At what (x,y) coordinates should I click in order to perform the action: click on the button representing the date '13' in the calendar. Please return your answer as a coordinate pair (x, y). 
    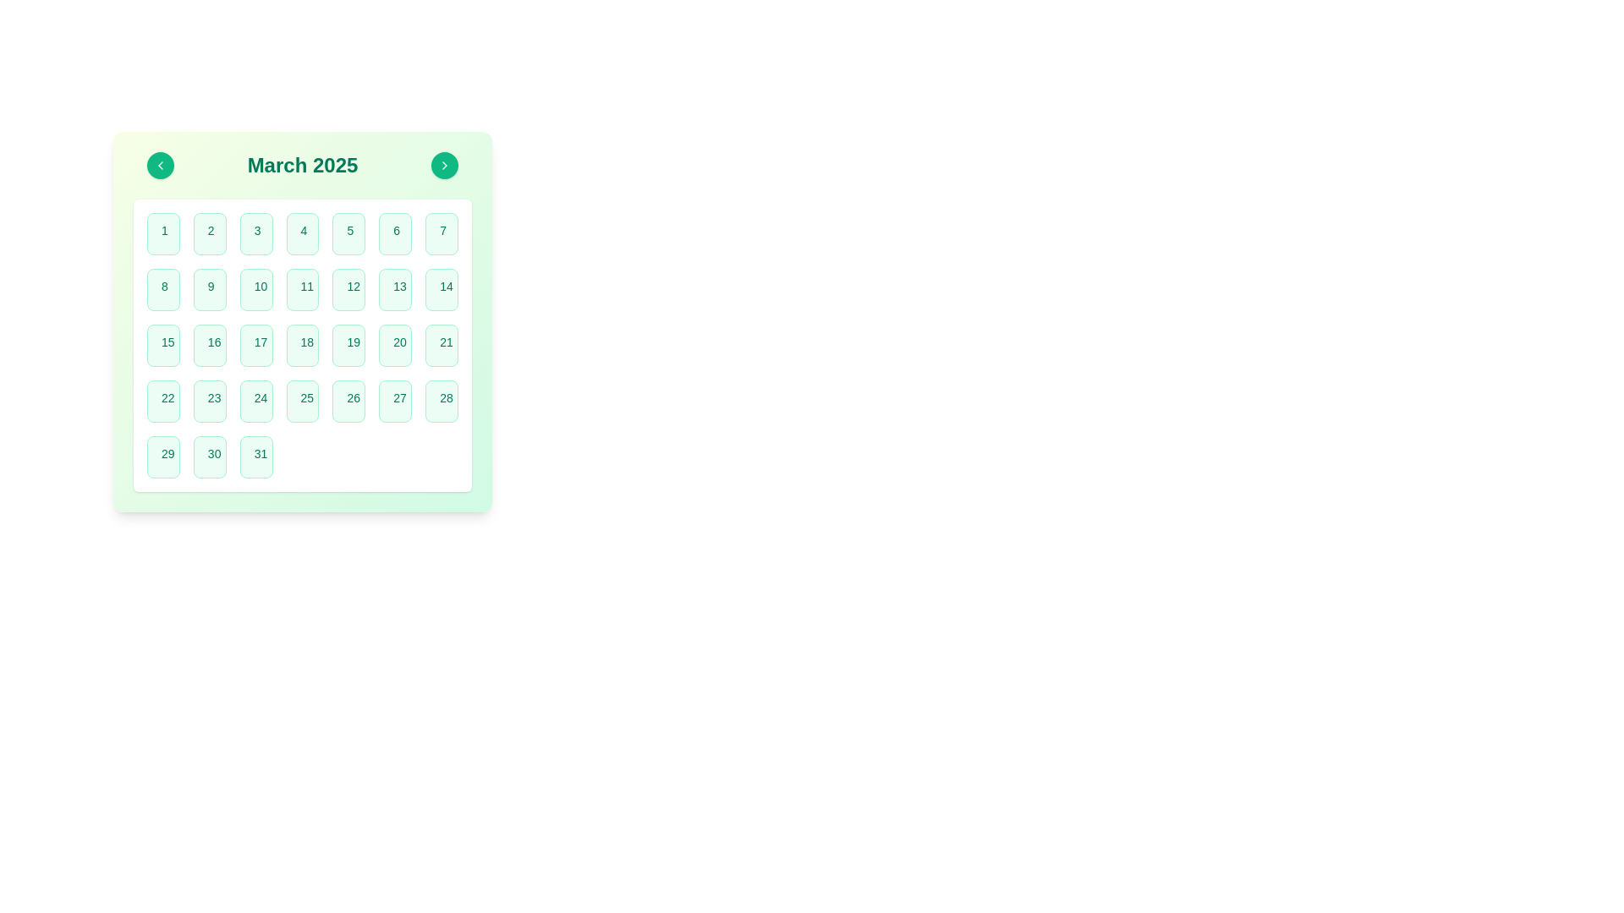
    Looking at the image, I should click on (394, 289).